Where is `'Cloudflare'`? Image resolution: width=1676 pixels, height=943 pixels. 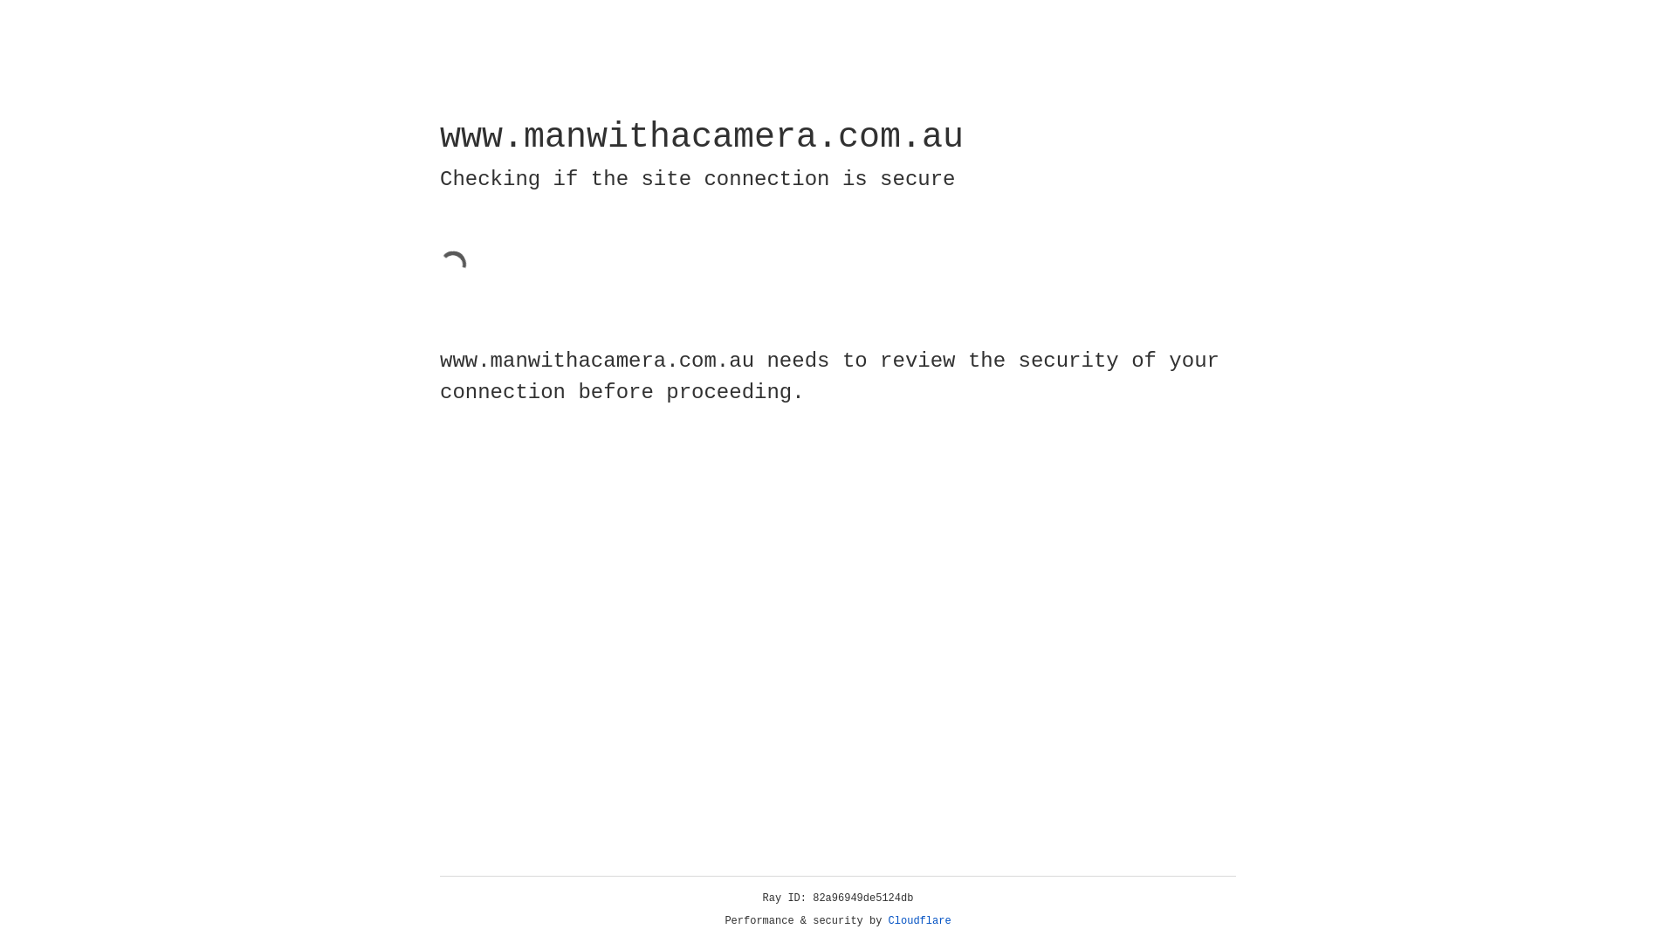
'Cloudflare' is located at coordinates (888, 920).